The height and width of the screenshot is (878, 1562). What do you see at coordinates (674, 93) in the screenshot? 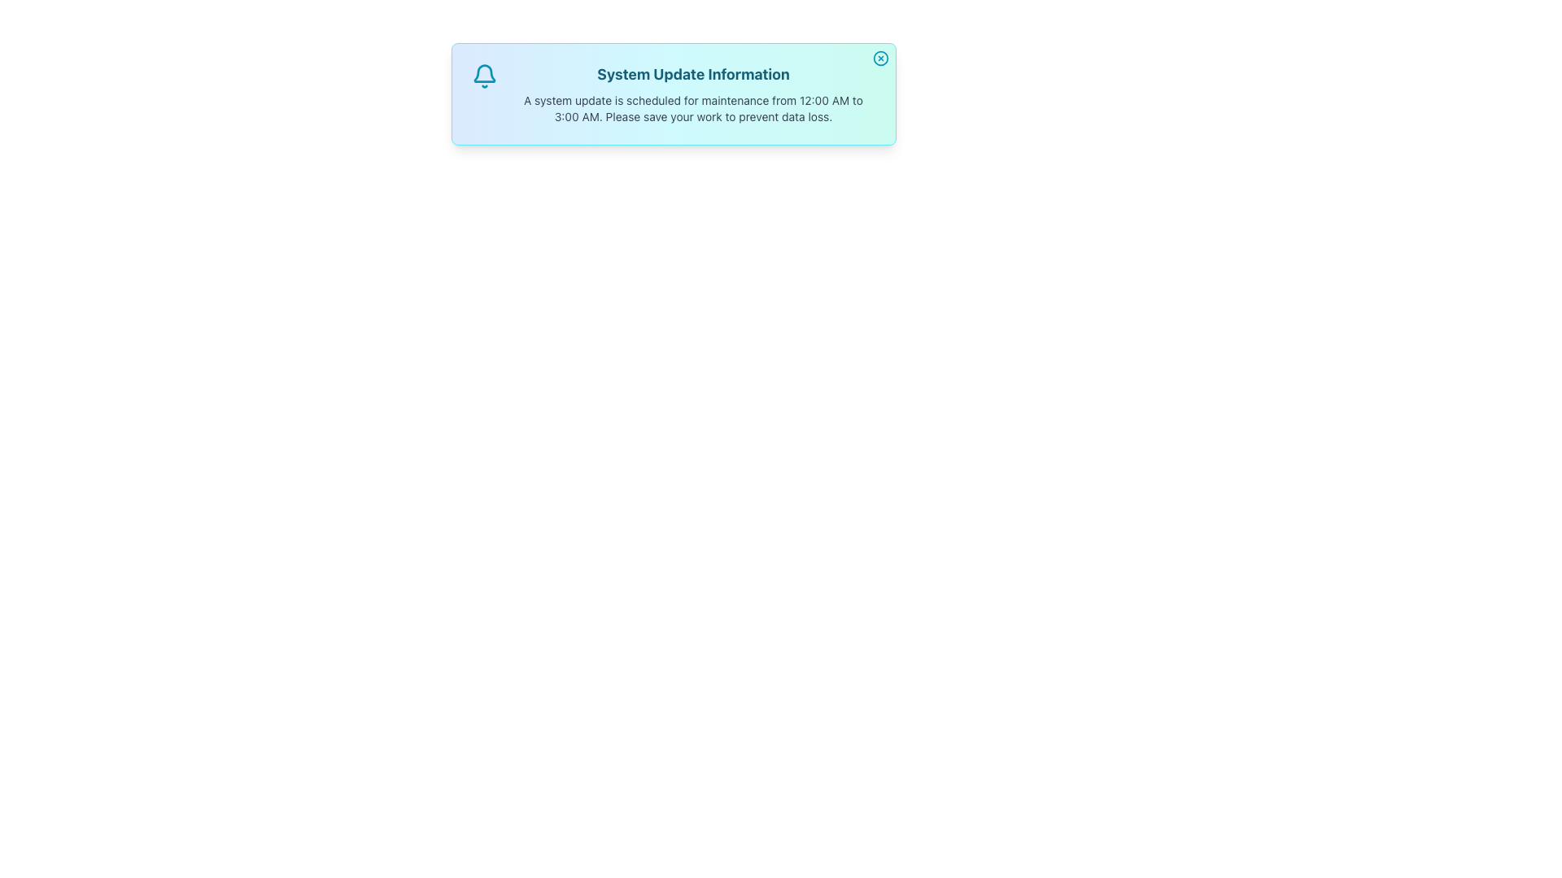
I see `the Static Information Panel, which features a gradient background and contains the title 'System Update Information' in cyan` at bounding box center [674, 93].